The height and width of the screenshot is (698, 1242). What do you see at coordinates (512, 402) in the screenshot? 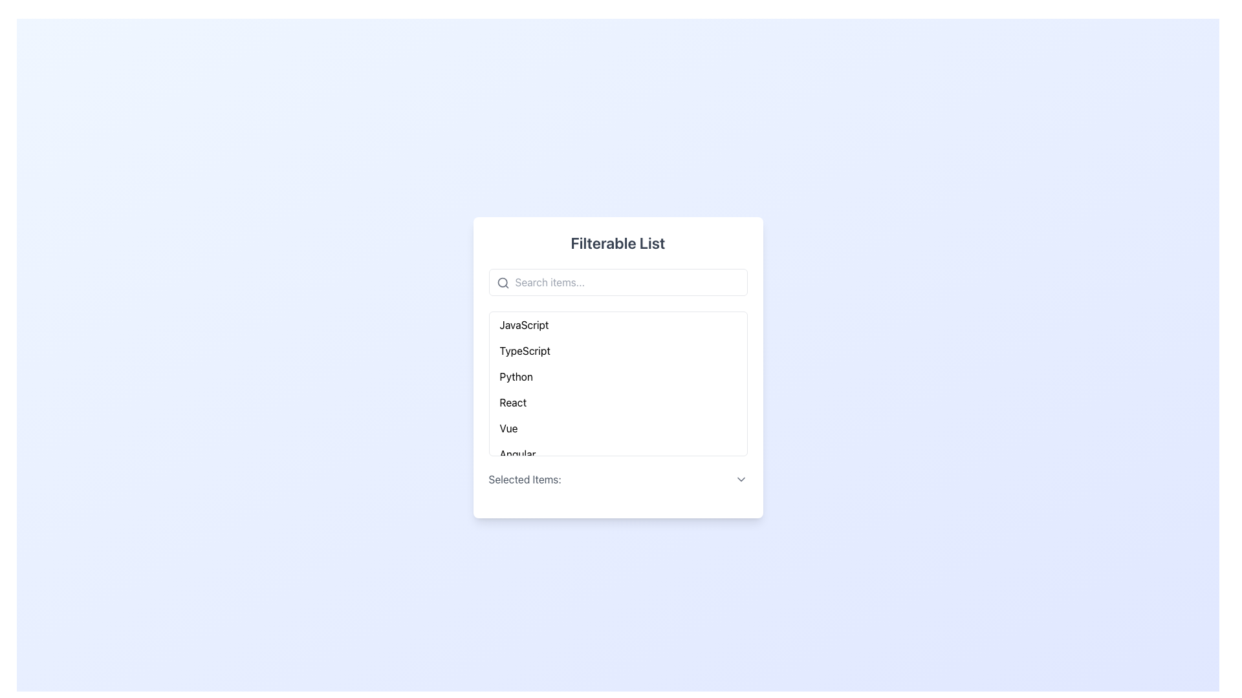
I see `to select the fourth item in the interactive list that includes options like 'JavaScript', 'TypeScript', and 'Vue'` at bounding box center [512, 402].